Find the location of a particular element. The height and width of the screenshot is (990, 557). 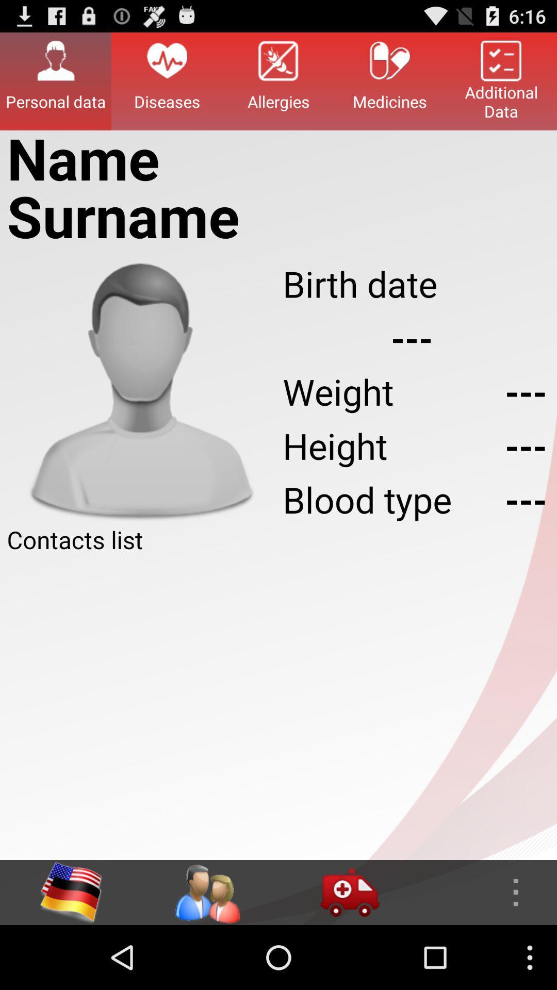

the item to the right of the medicines is located at coordinates (501, 80).